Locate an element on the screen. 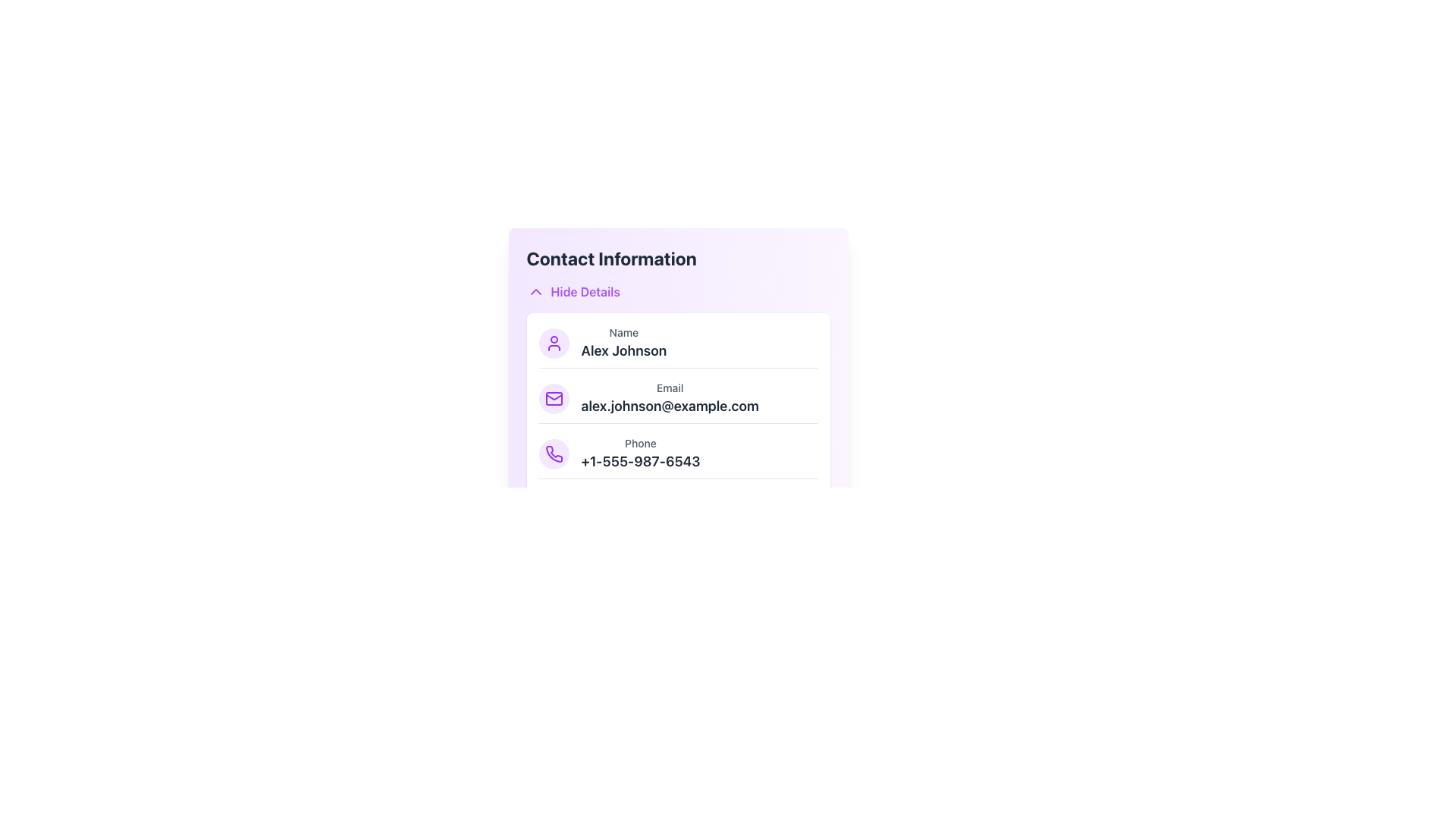  the 'Email' label element, which is styled in a small-sized medium-weight gray font and positioned above the email address 'alex.johnson@example.com' in the 'Contact Information' section is located at coordinates (669, 388).